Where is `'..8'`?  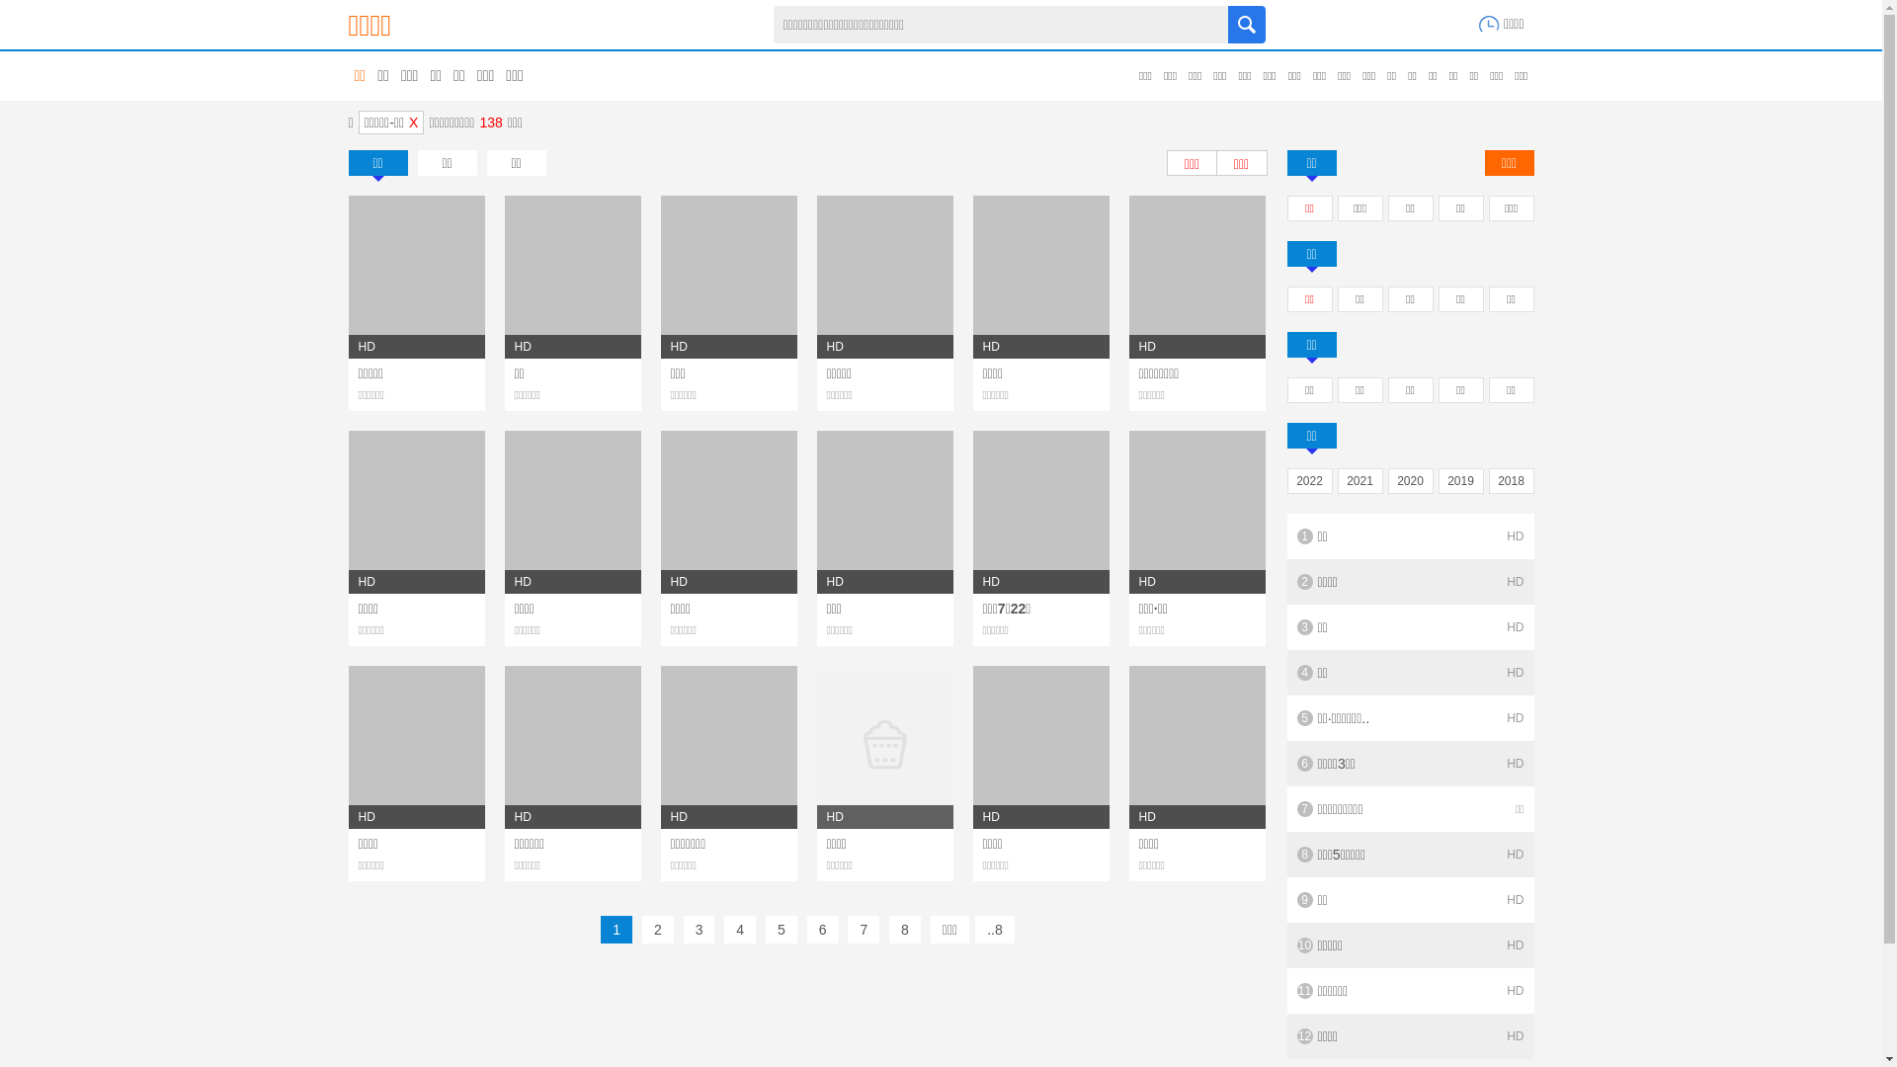 '..8' is located at coordinates (975, 930).